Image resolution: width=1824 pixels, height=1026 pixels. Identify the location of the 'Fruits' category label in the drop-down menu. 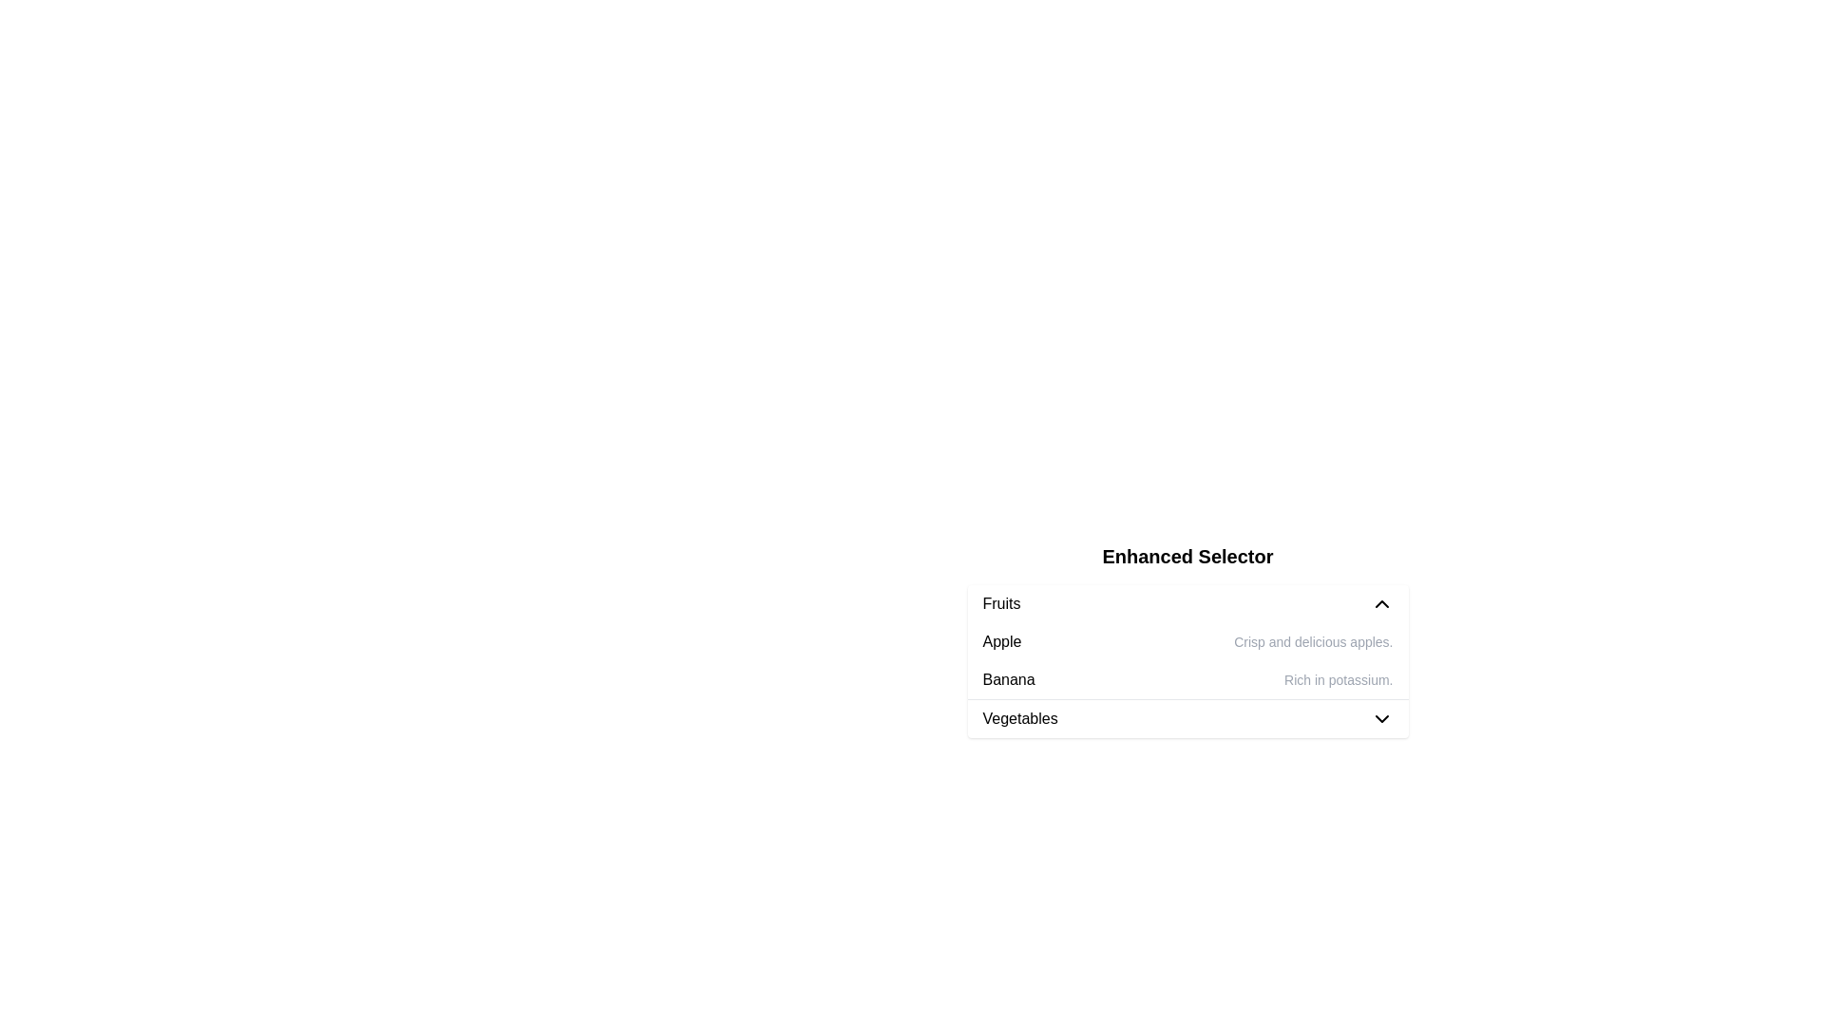
(1000, 604).